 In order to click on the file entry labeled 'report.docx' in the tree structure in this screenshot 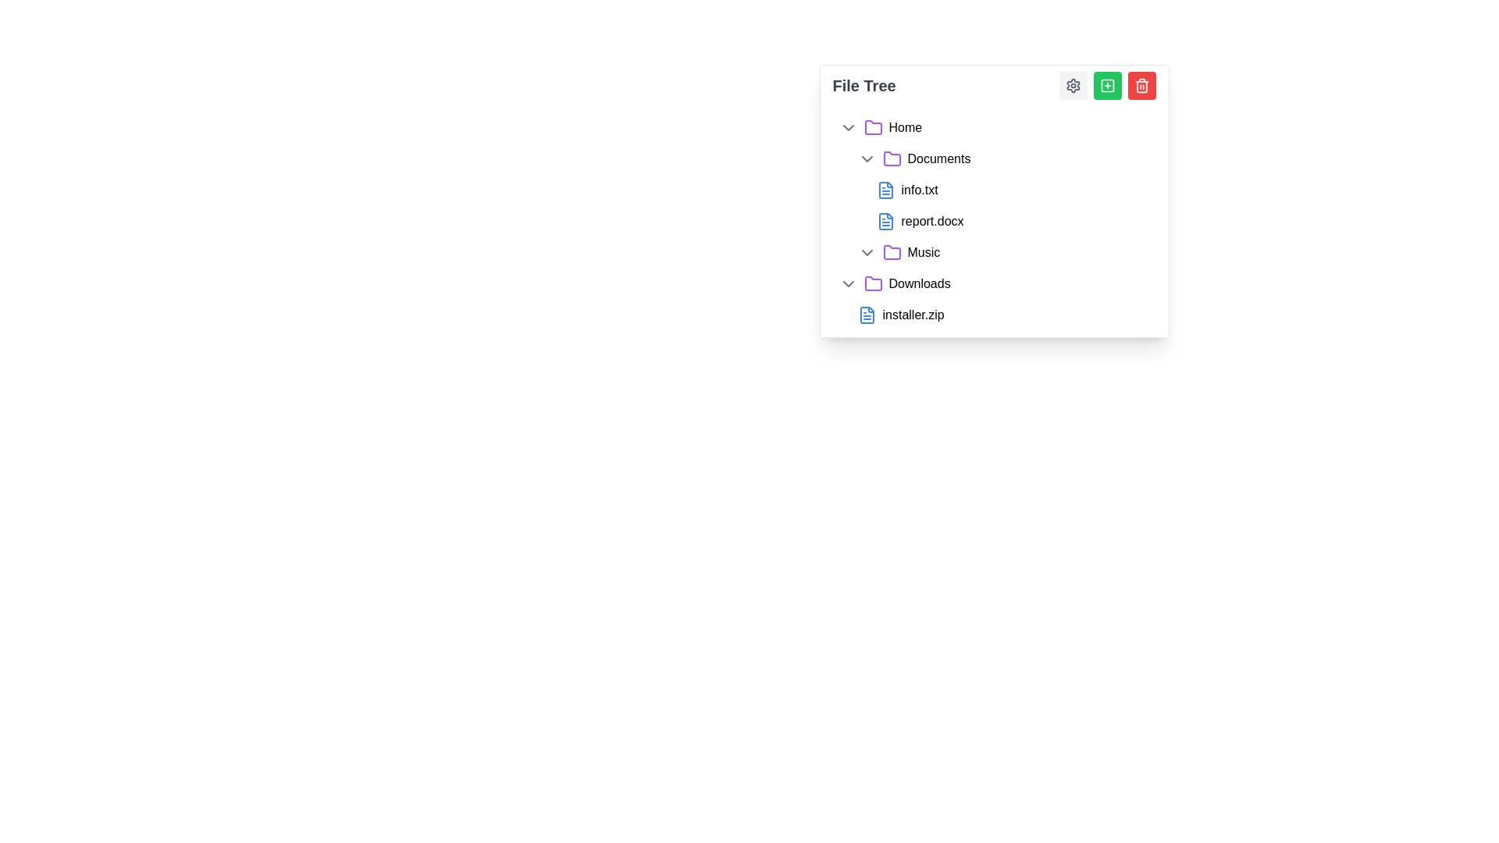, I will do `click(993, 222)`.